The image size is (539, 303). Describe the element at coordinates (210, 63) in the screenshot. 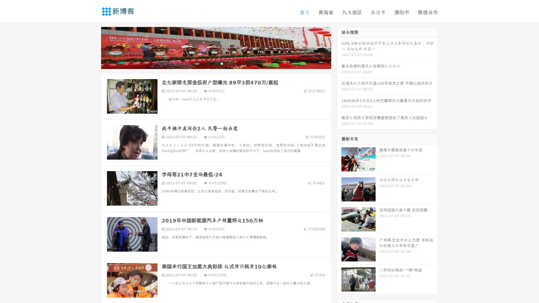

I see `Go to slide 1` at that location.